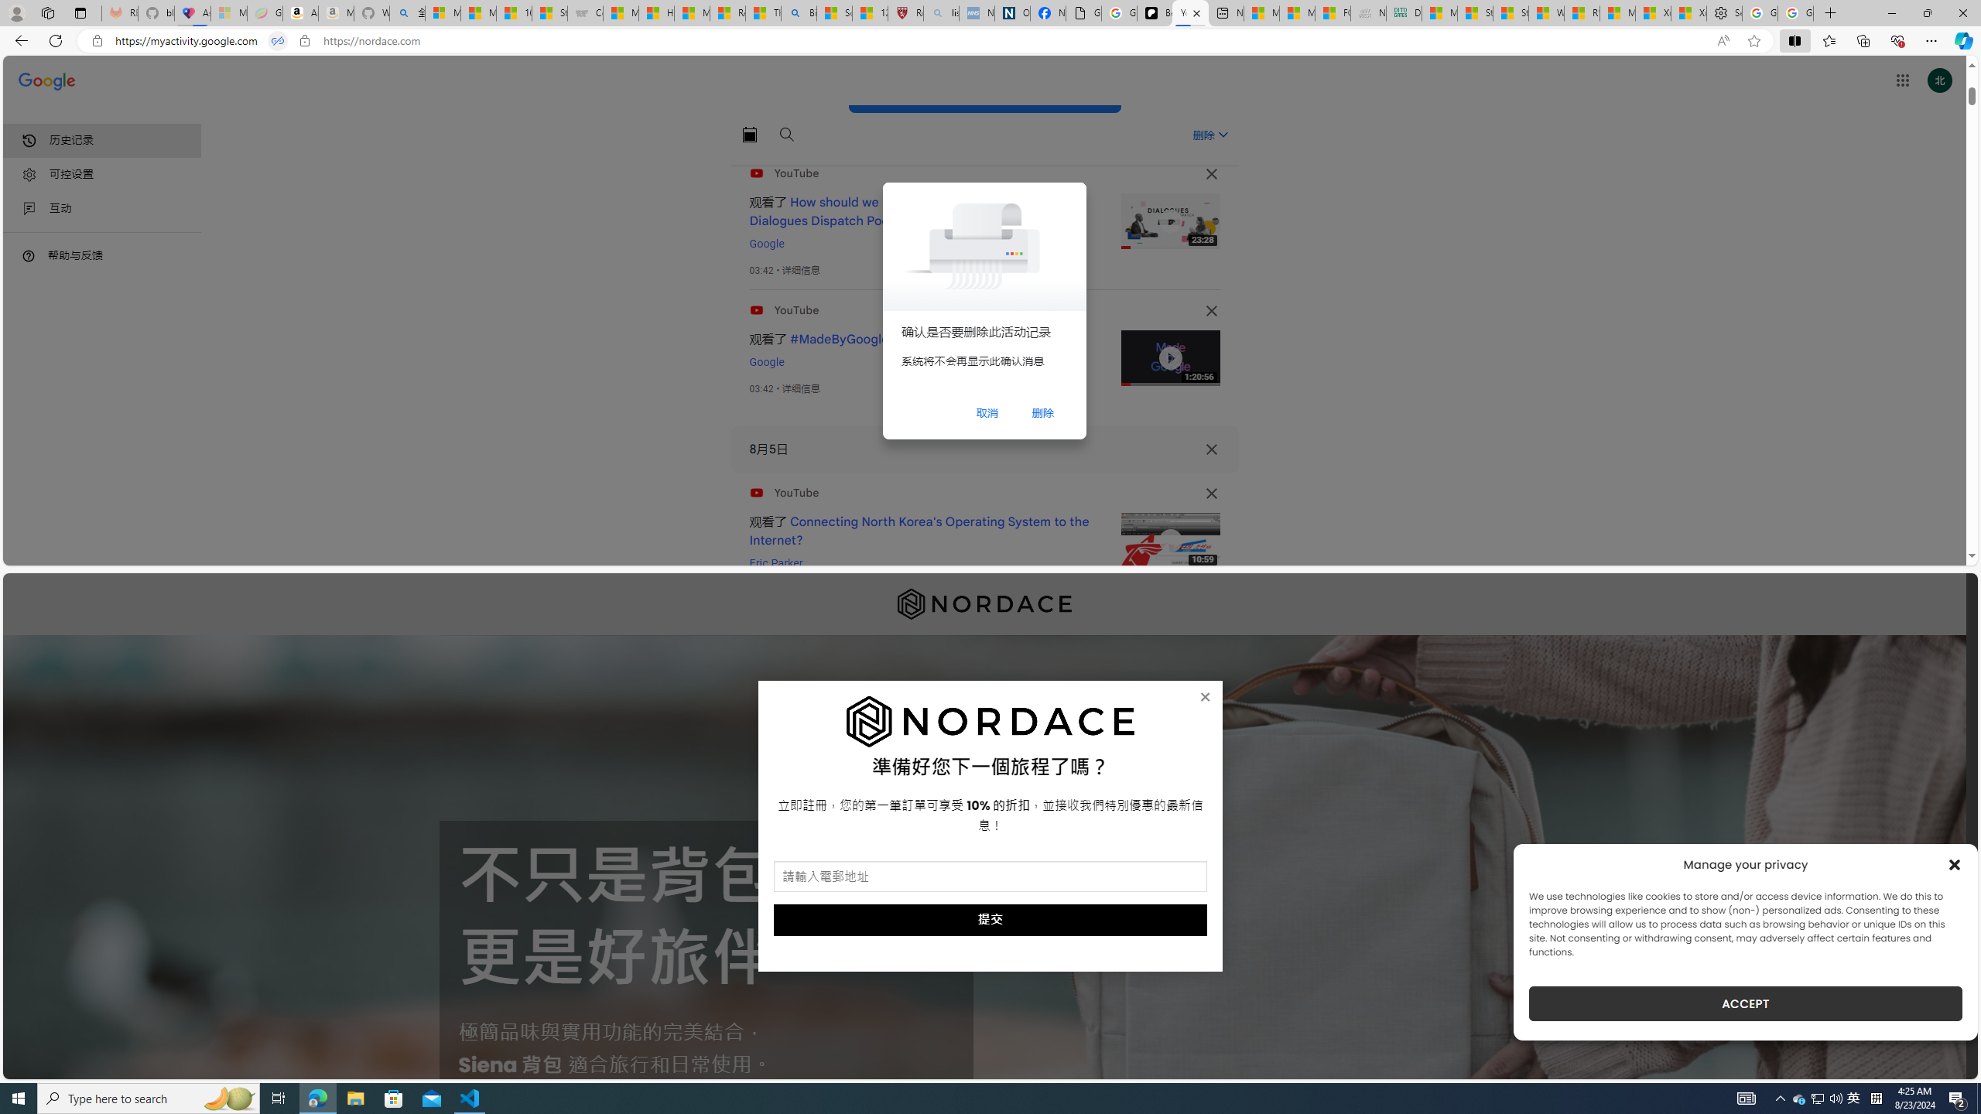 This screenshot has width=1981, height=1114. I want to click on 'Class: IVR0f NMm5M', so click(1170, 540).